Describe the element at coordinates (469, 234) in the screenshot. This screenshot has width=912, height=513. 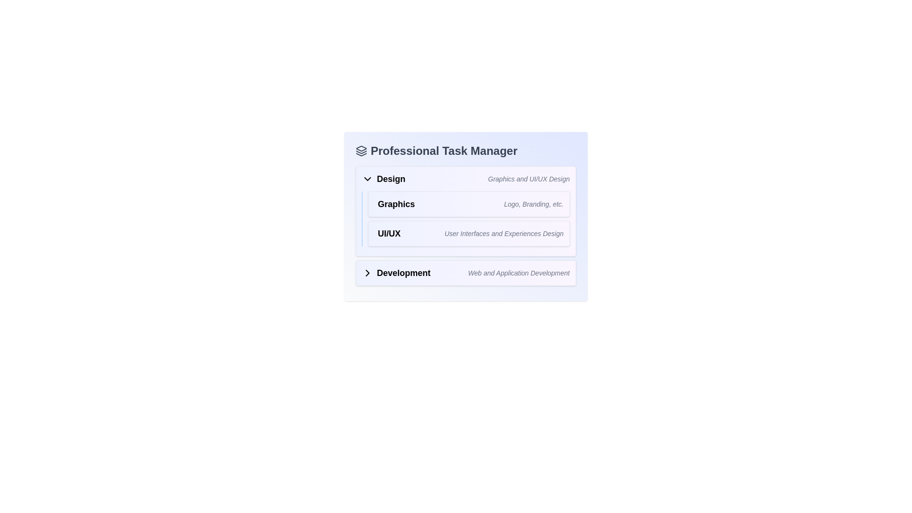
I see `the 'UI/UX' label with the description 'User Interfaces and Experiences Design' located in the 'Graphics' section under the 'Design' category` at that location.